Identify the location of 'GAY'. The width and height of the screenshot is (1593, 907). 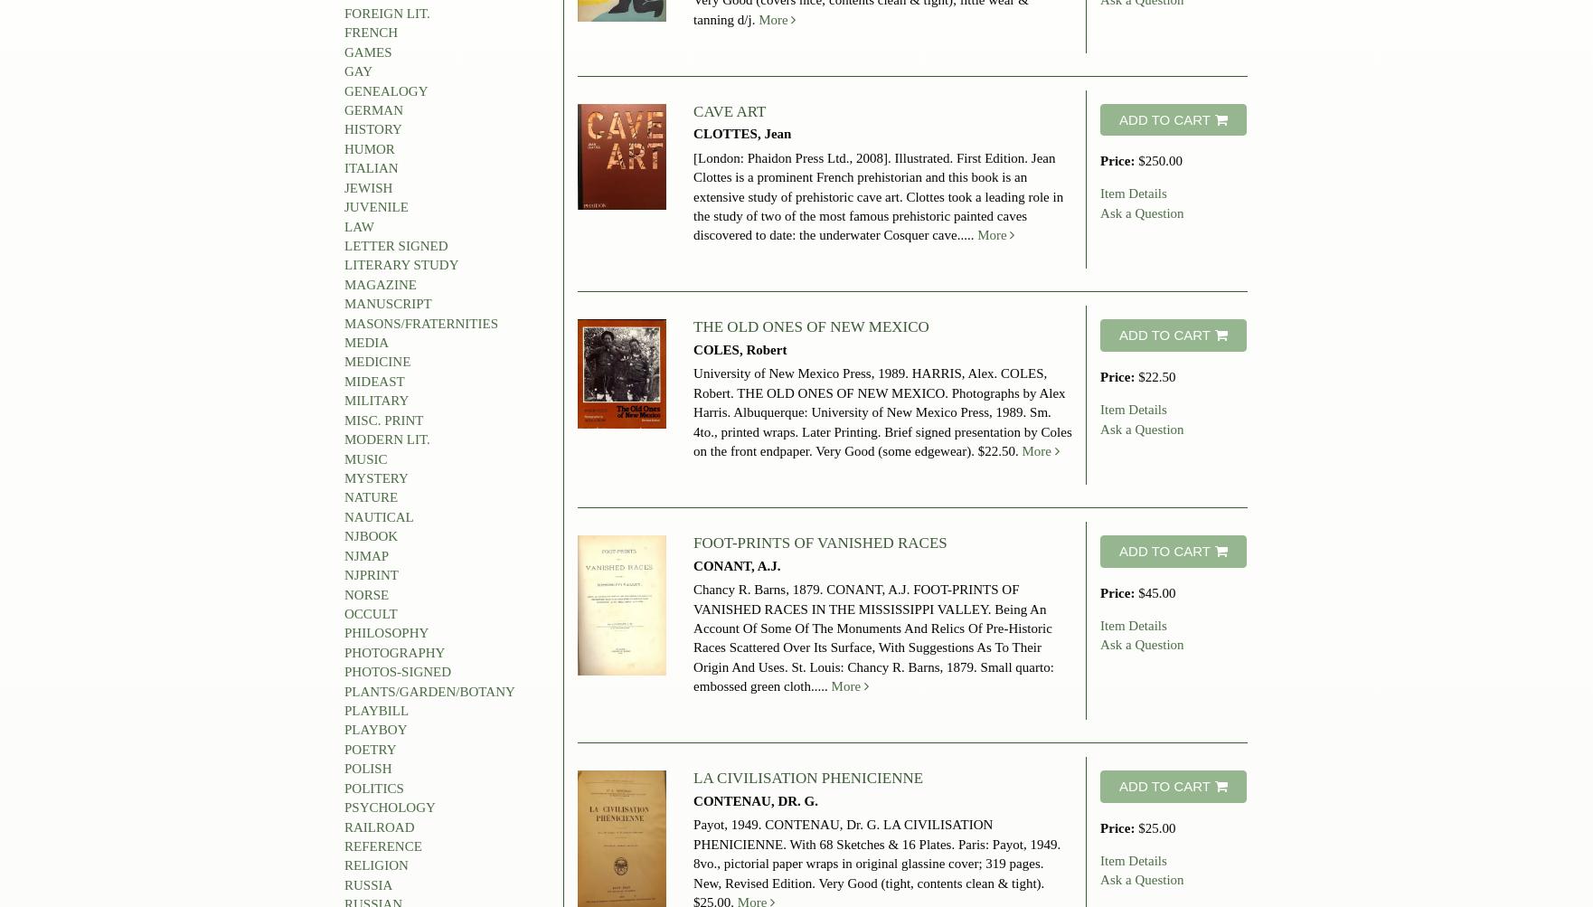
(358, 71).